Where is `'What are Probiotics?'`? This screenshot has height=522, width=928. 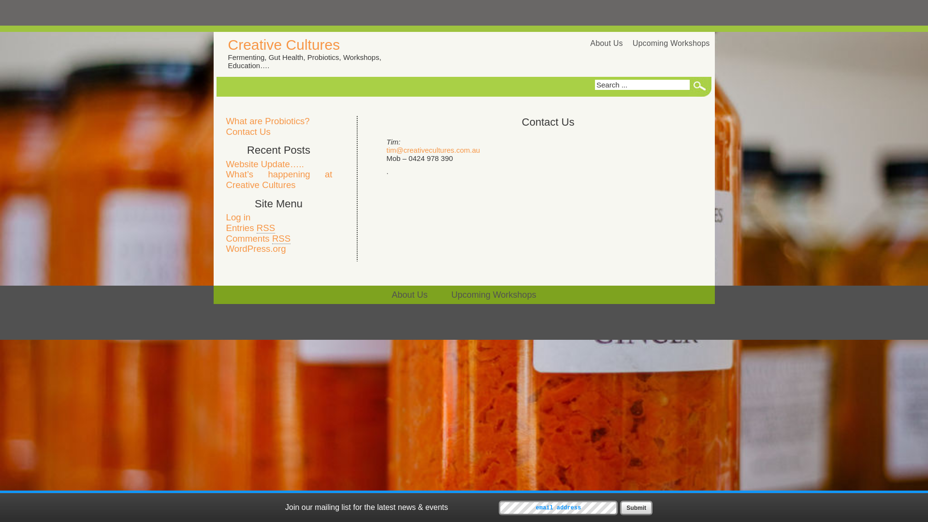
'What are Probiotics?' is located at coordinates (268, 120).